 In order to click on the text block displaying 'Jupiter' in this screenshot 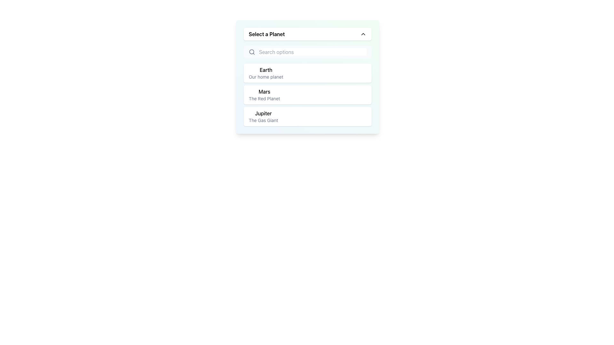, I will do `click(263, 117)`.